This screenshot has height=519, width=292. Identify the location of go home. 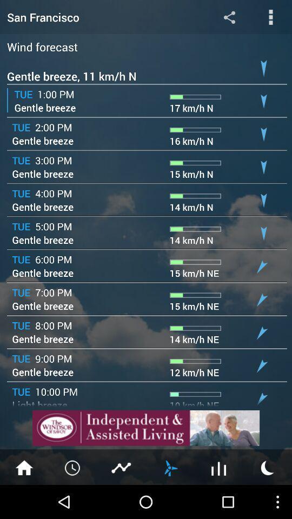
(24, 467).